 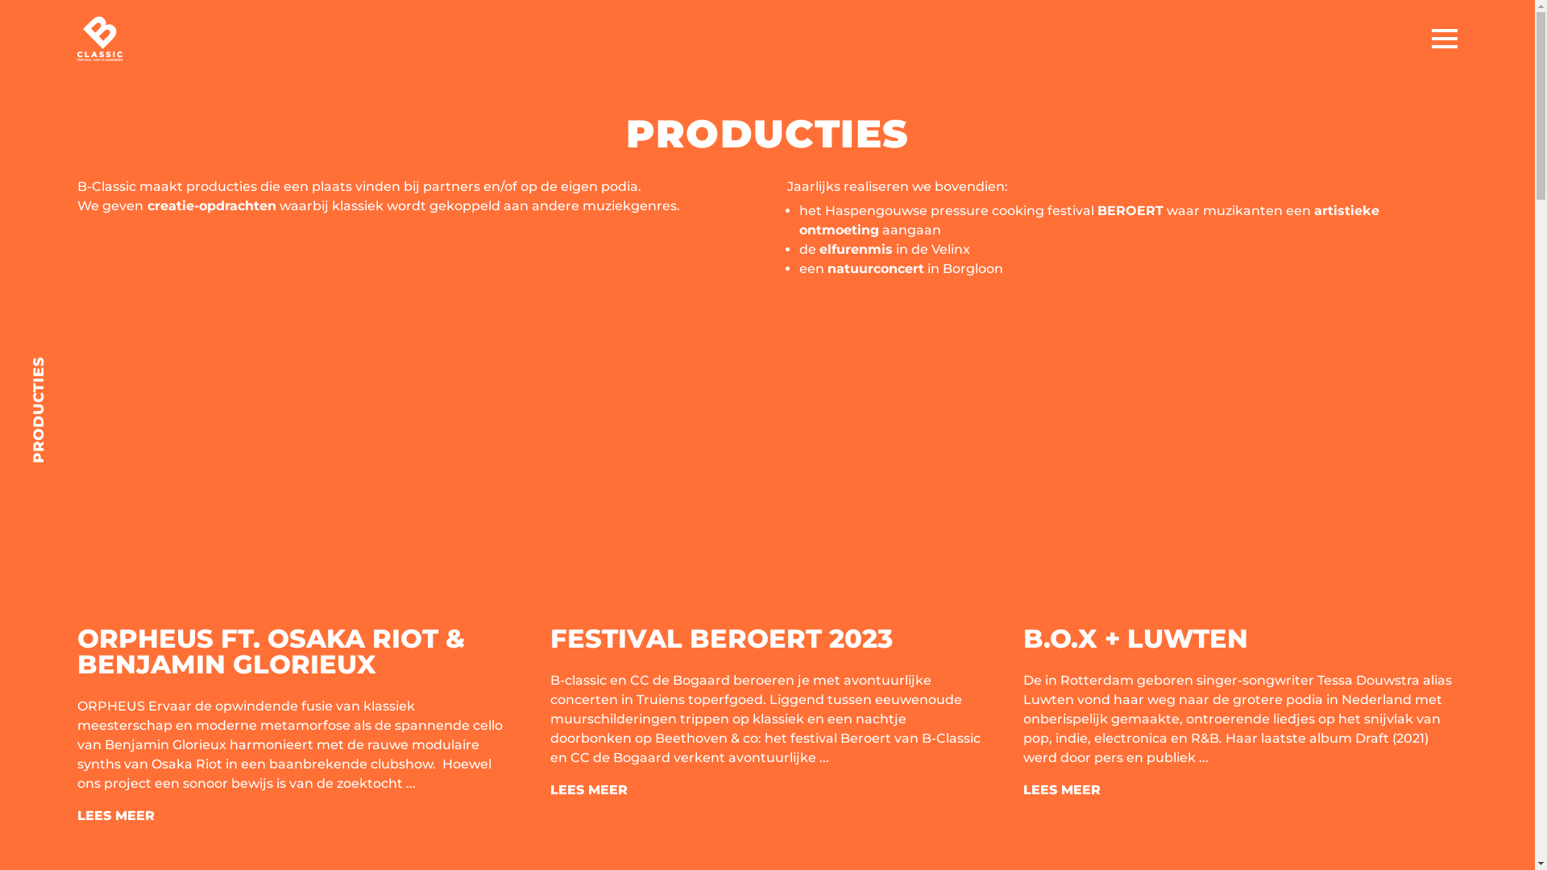 I want to click on 'B.O.X + LUWTEN', so click(x=1022, y=637).